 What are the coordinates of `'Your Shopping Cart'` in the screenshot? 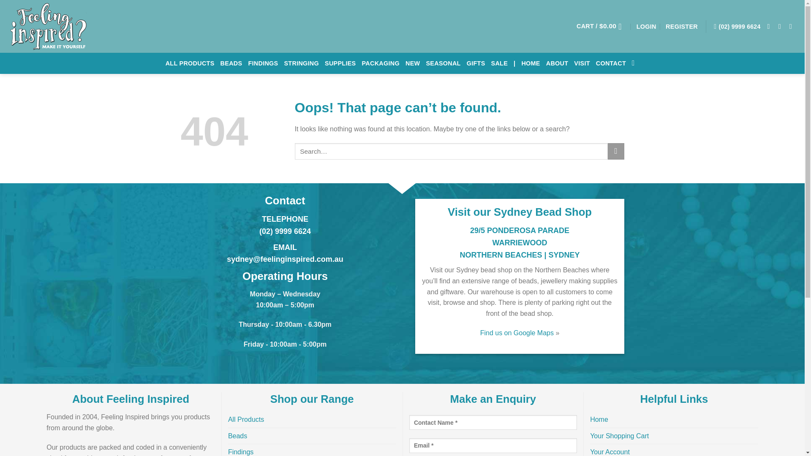 It's located at (619, 436).